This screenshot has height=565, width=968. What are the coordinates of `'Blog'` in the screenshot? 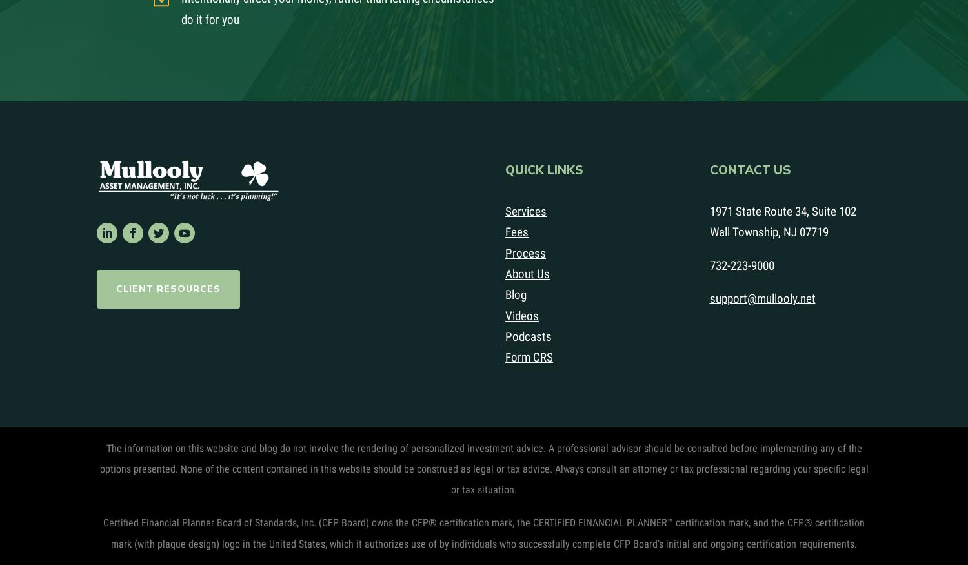 It's located at (516, 294).